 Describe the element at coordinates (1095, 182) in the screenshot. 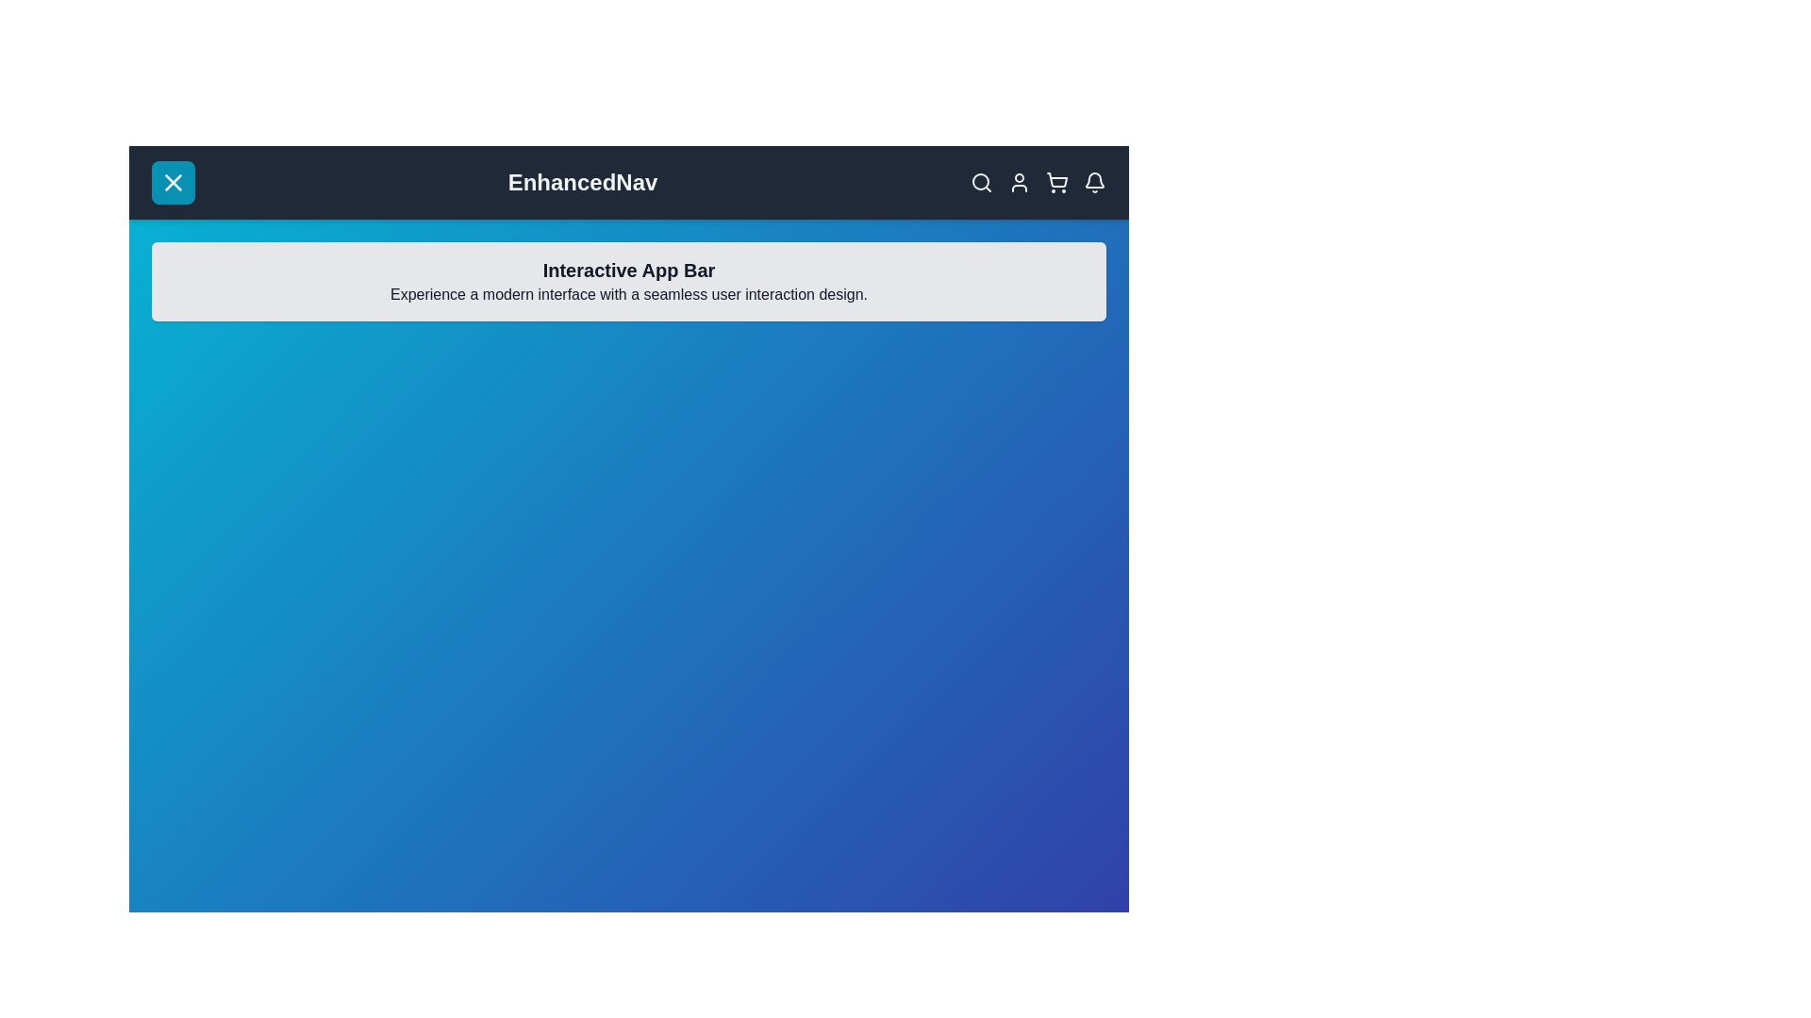

I see `the icon bell to observe its hover effect` at that location.